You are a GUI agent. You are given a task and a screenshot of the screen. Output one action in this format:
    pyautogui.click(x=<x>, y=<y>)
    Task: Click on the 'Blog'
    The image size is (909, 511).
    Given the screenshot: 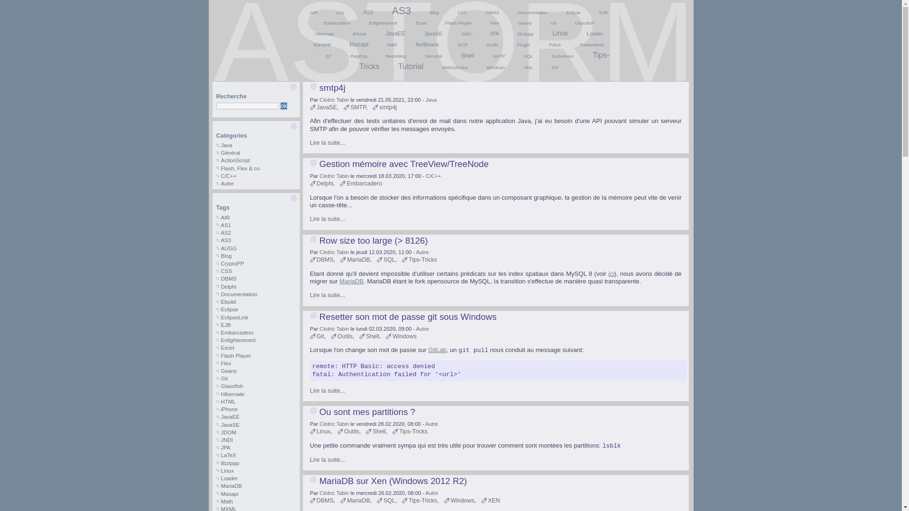 What is the action you would take?
    pyautogui.click(x=225, y=255)
    